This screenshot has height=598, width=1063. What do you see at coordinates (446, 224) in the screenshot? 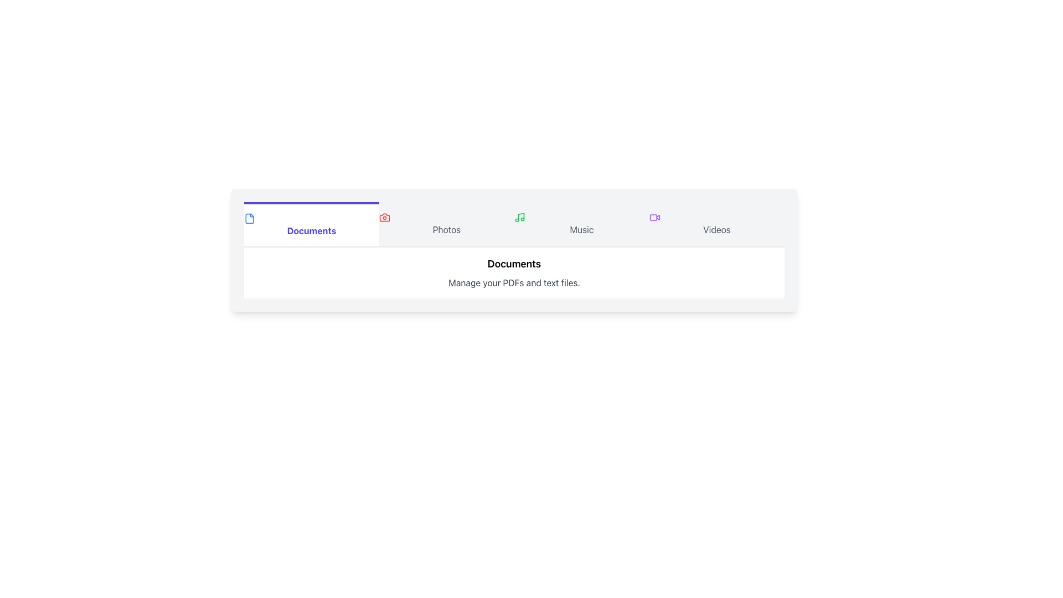
I see `the second tab in the navigation menu, which is intended for accessing the photos or images section` at bounding box center [446, 224].